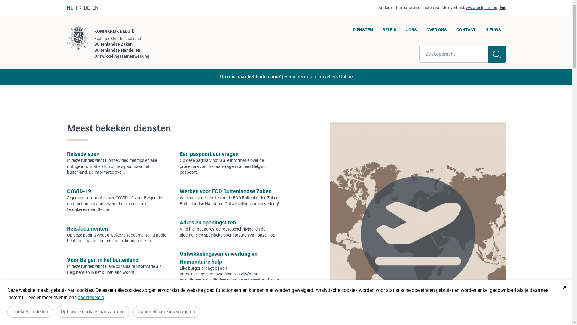  What do you see at coordinates (208, 222) in the screenshot?
I see `'Adres en openingsuren'` at bounding box center [208, 222].